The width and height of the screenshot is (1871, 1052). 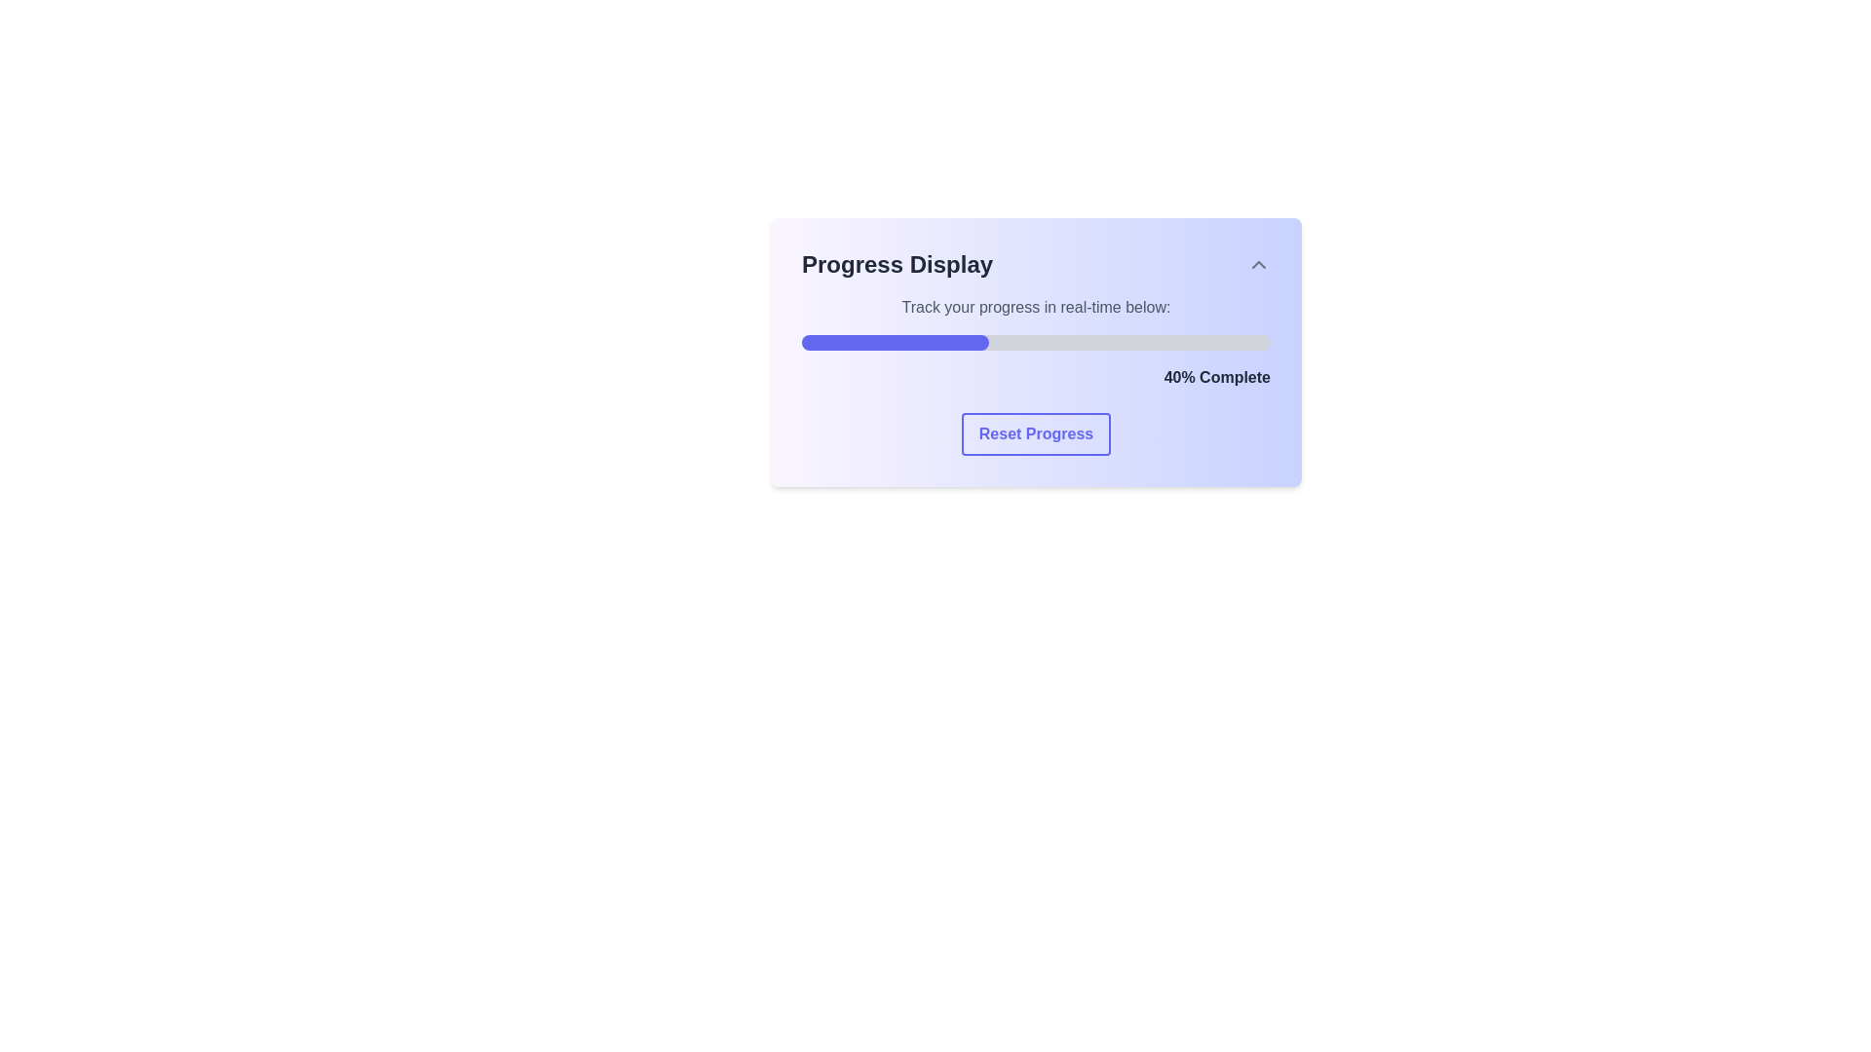 What do you see at coordinates (897, 265) in the screenshot?
I see `the title or header text display located in the upper-left corner of the progress tracking section` at bounding box center [897, 265].